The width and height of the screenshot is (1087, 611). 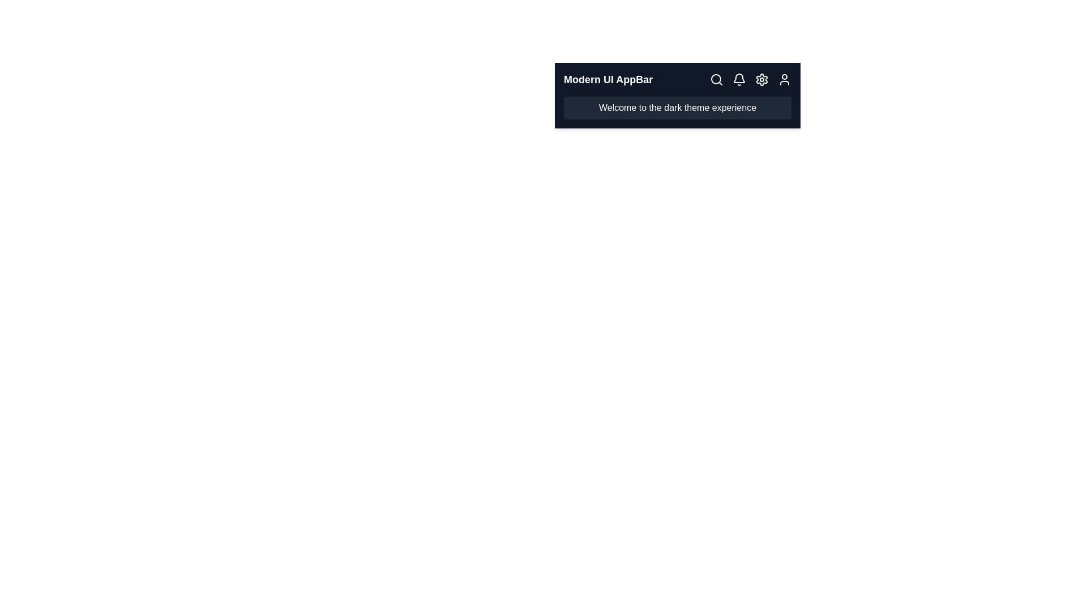 I want to click on the 'Search' icon in the app bar, so click(x=716, y=79).